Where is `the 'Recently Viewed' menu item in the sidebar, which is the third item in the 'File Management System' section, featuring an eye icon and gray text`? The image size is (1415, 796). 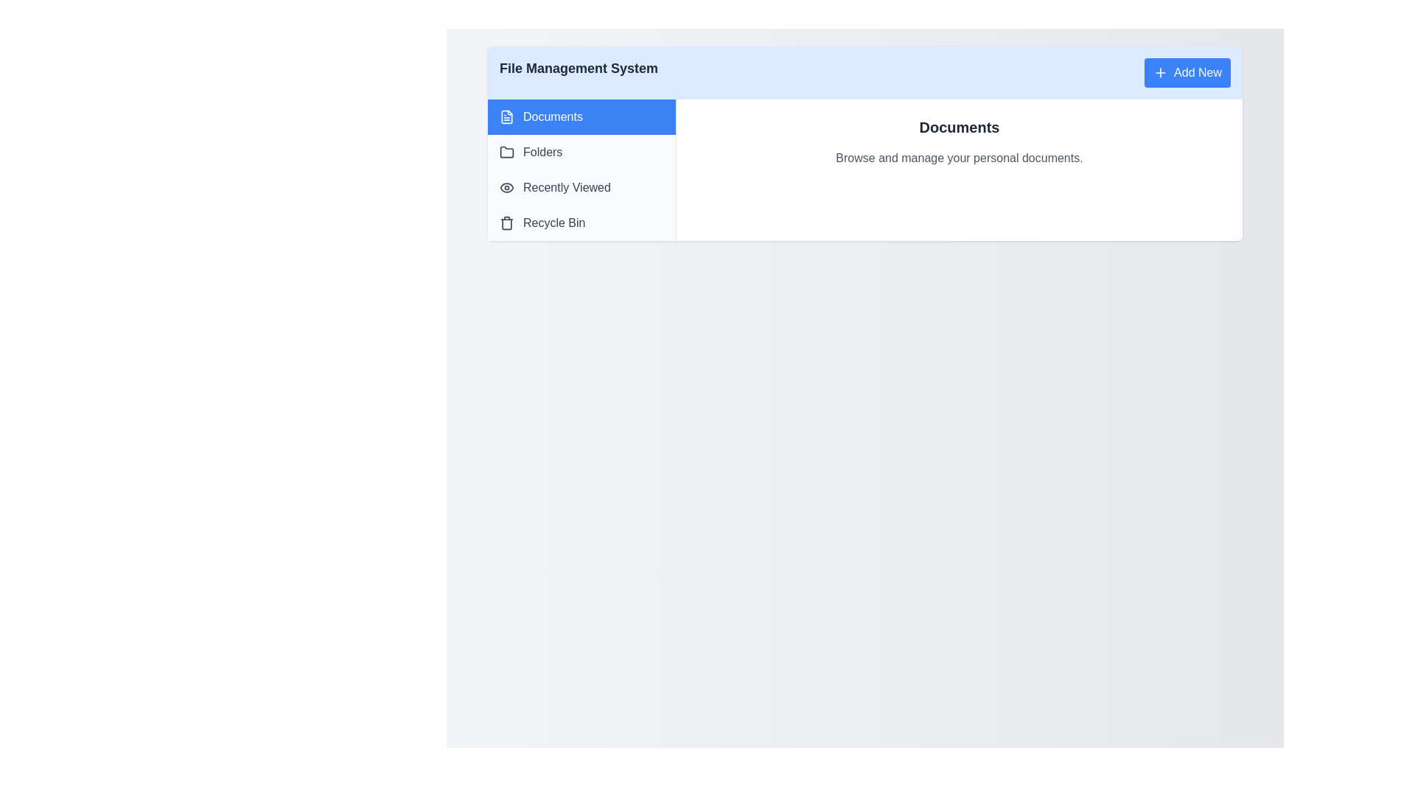 the 'Recently Viewed' menu item in the sidebar, which is the third item in the 'File Management System' section, featuring an eye icon and gray text is located at coordinates (581, 186).